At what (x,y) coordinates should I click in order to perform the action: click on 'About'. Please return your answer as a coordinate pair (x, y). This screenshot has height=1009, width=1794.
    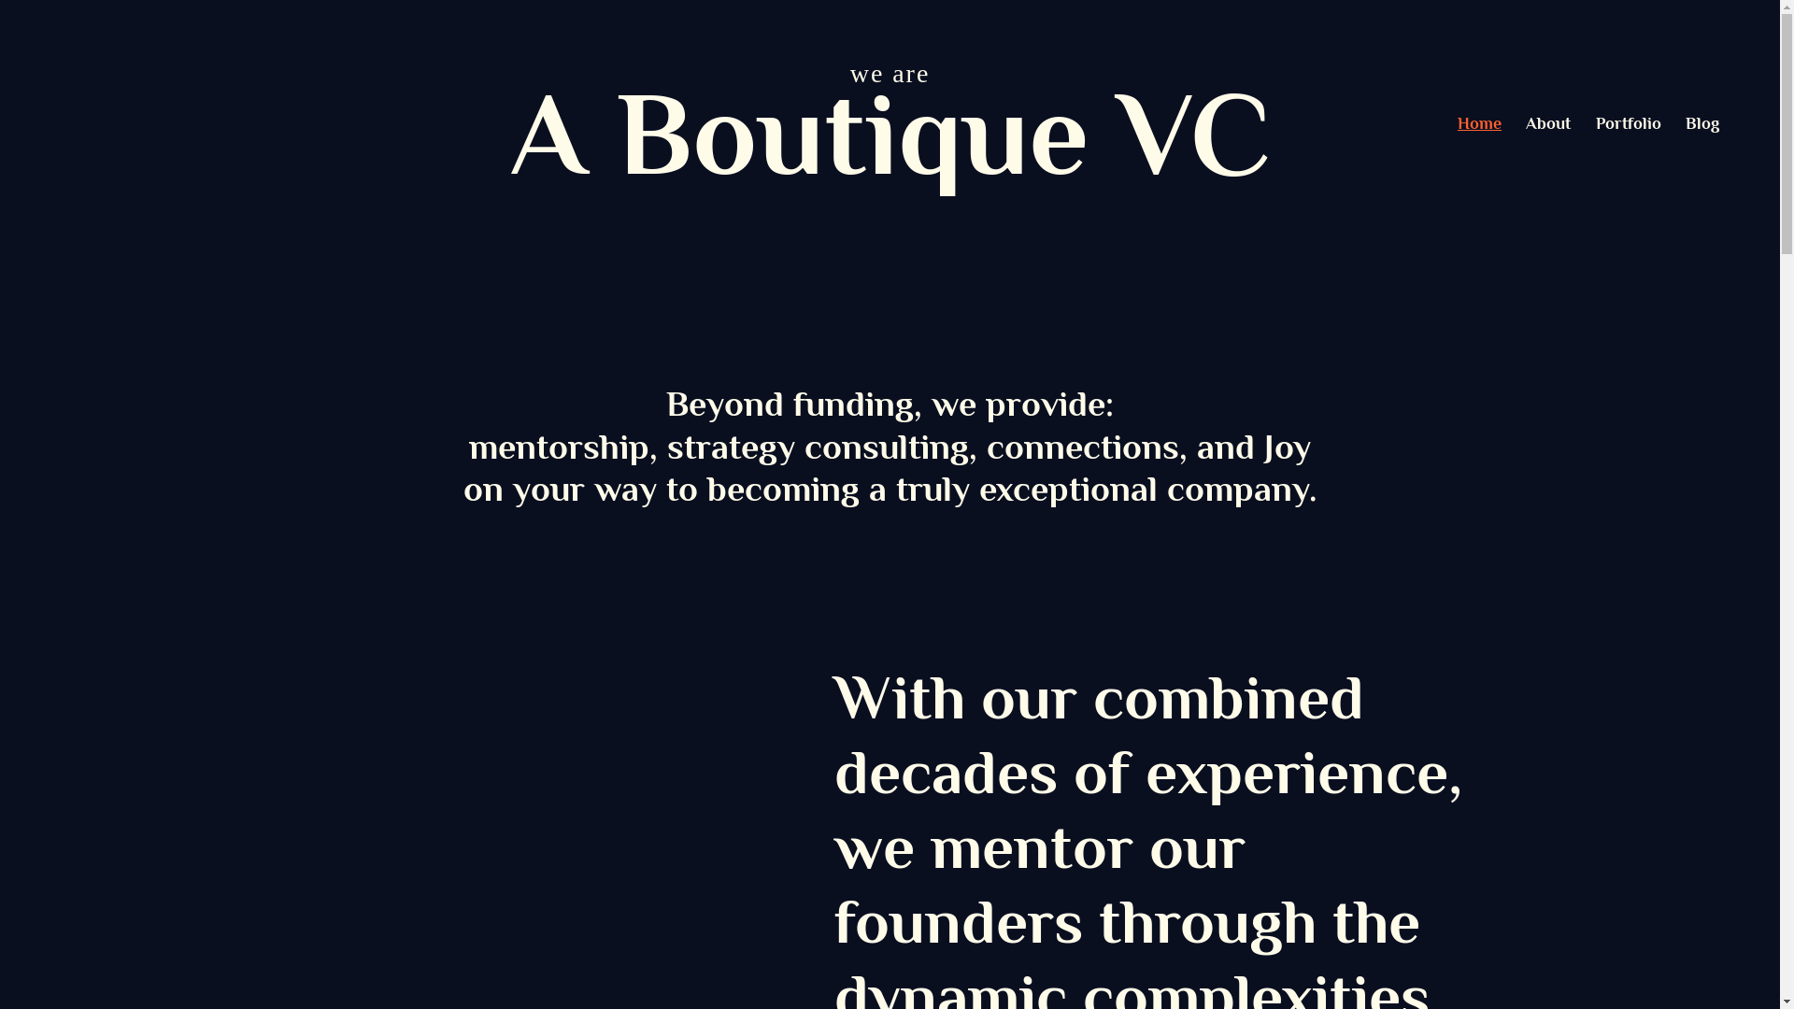
    Looking at the image, I should click on (1547, 122).